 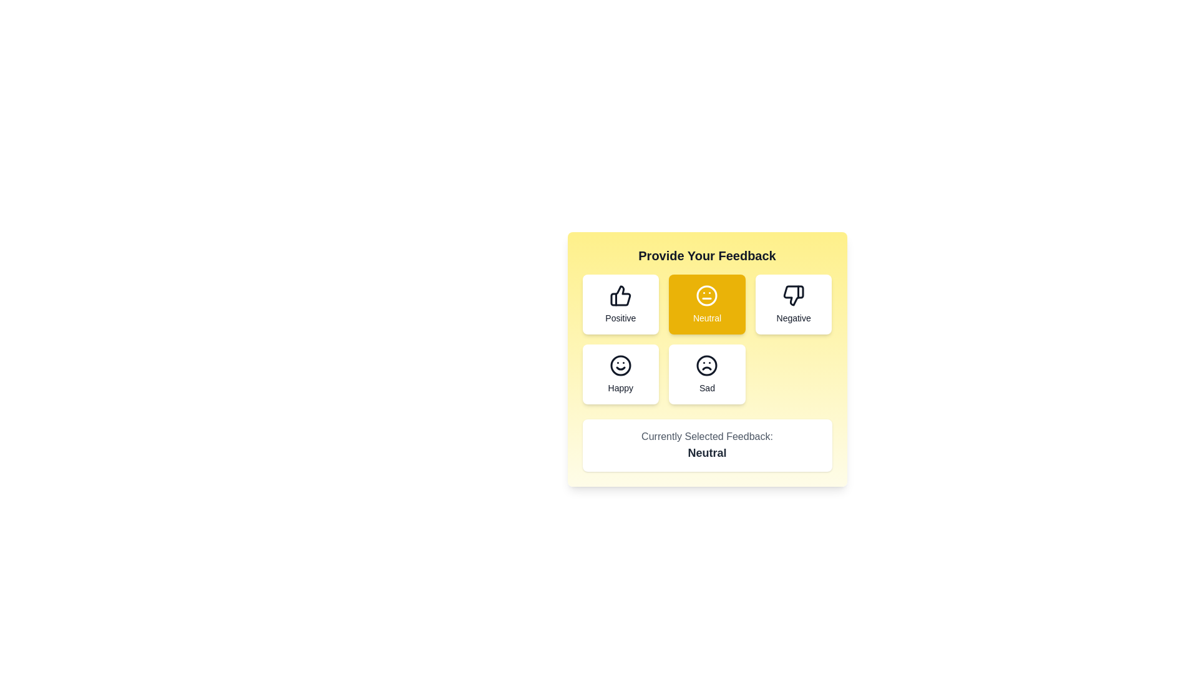 I want to click on the feedback option Neutral by clicking on its button, so click(x=707, y=305).